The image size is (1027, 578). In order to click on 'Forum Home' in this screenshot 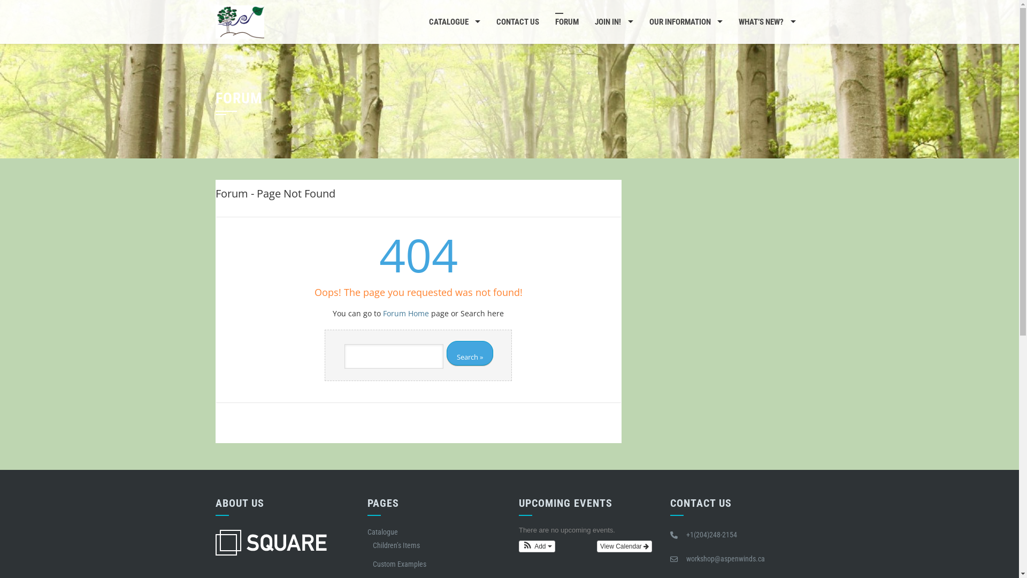, I will do `click(405, 313)`.